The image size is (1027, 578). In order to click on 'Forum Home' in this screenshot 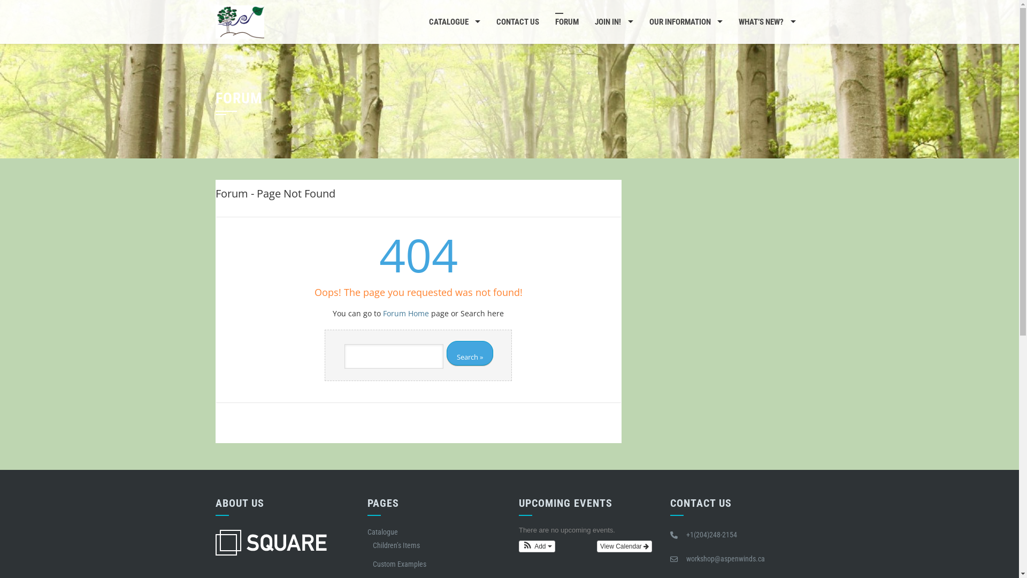, I will do `click(405, 313)`.